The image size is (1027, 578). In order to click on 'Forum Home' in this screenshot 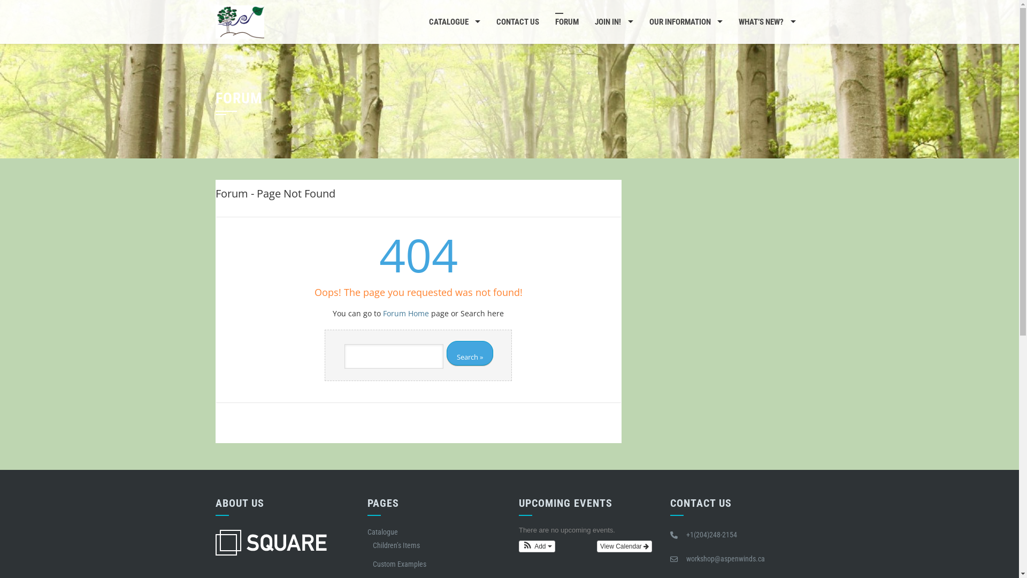, I will do `click(405, 313)`.